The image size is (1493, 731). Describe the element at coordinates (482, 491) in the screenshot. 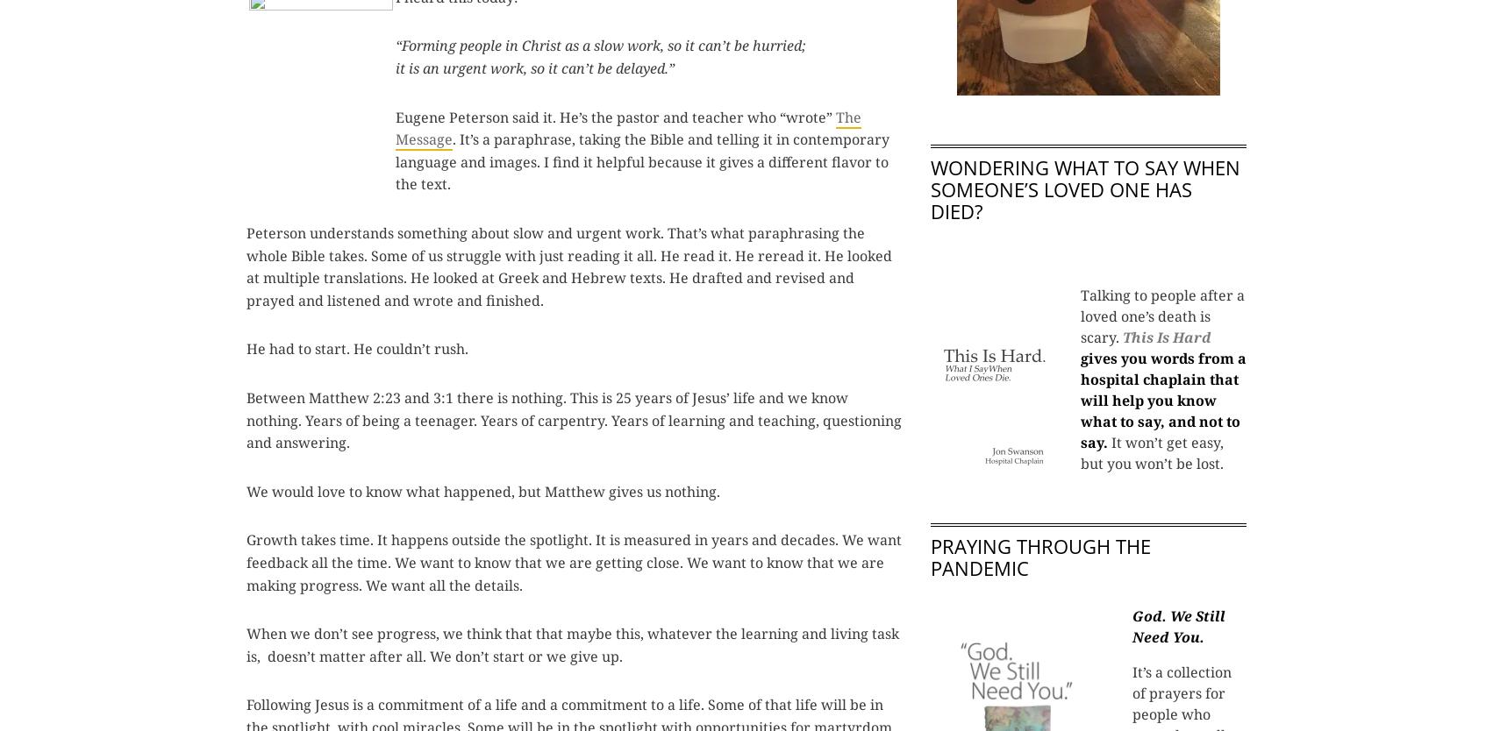

I see `'We would love to know what happened, but Matthew gives us nothing.'` at that location.